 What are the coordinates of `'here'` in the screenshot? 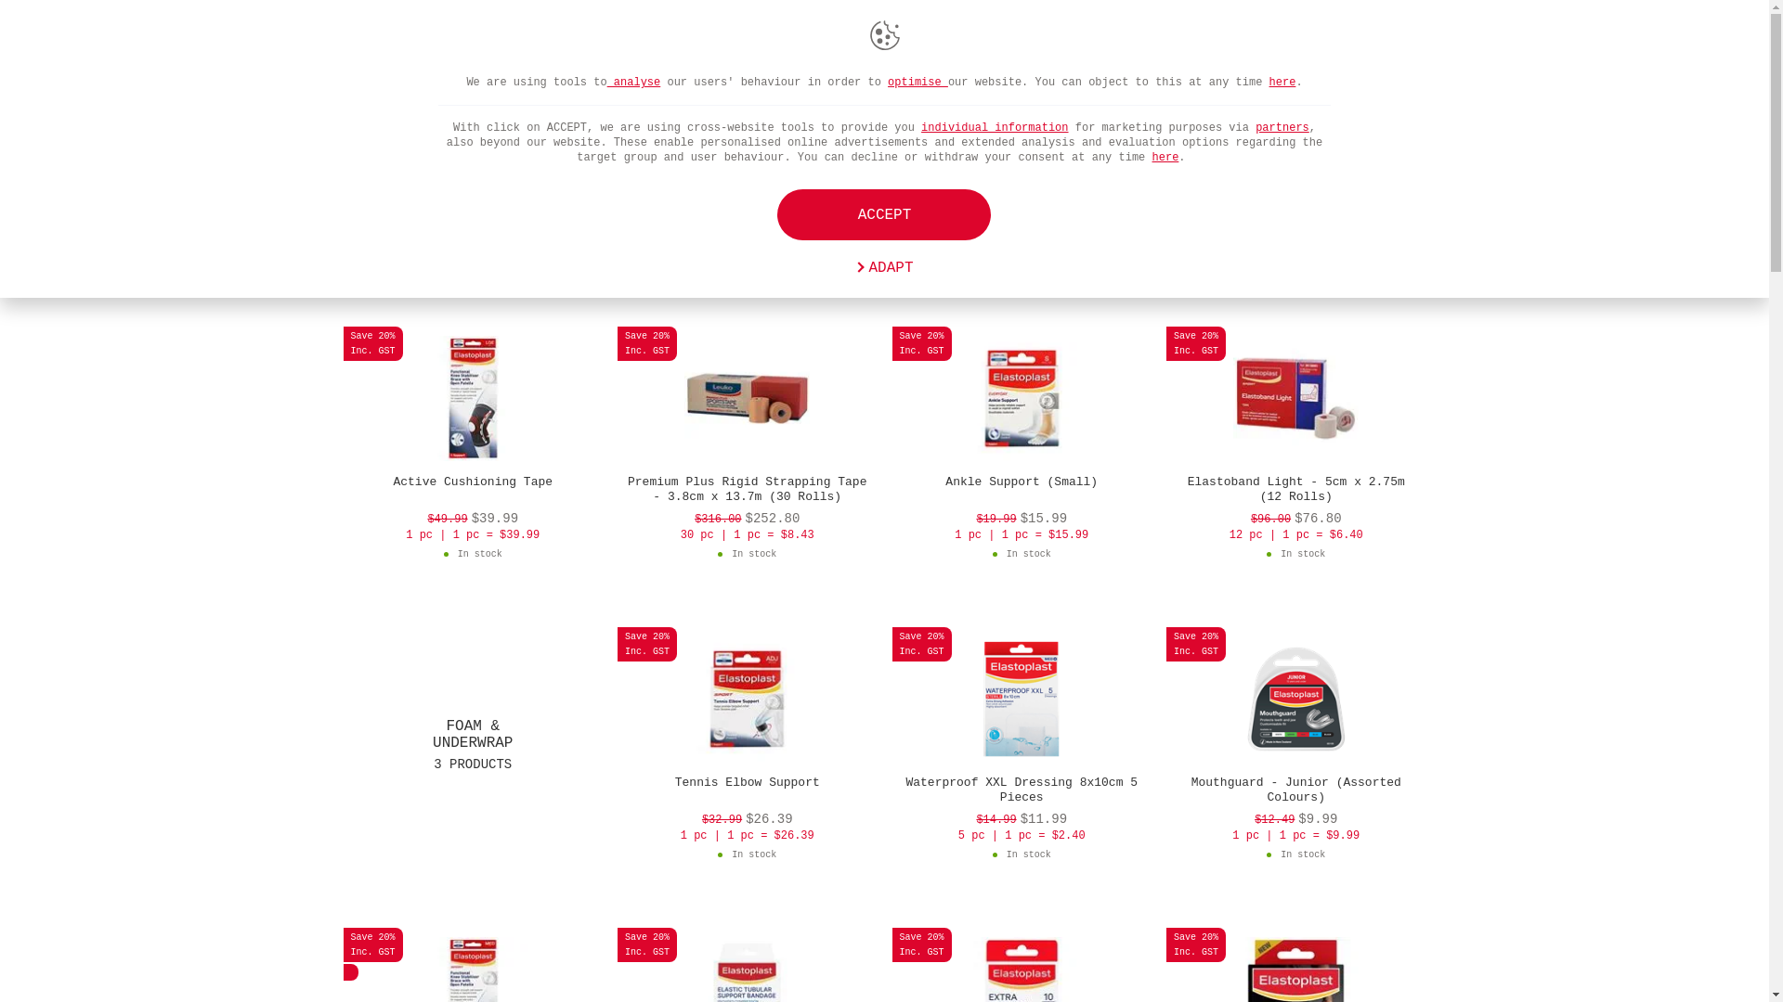 It's located at (1165, 156).